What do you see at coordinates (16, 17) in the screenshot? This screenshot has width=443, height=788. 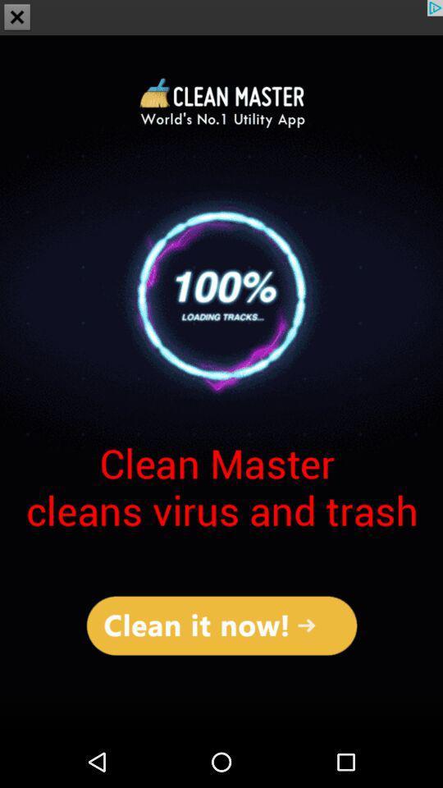 I see `the close icon` at bounding box center [16, 17].